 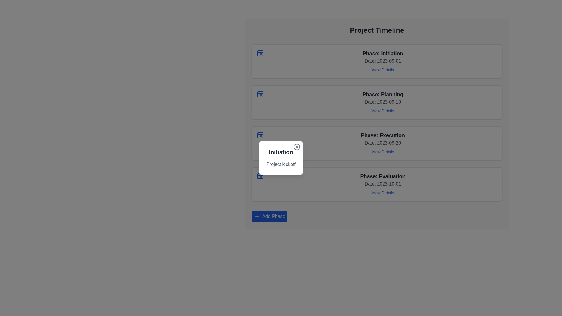 What do you see at coordinates (260, 176) in the screenshot?
I see `the small blue calendar icon with a grid outline, located on the leftmost side of the 'Phase: Evaluation' card, which is the fourth card in the vertical list of phase cards` at bounding box center [260, 176].